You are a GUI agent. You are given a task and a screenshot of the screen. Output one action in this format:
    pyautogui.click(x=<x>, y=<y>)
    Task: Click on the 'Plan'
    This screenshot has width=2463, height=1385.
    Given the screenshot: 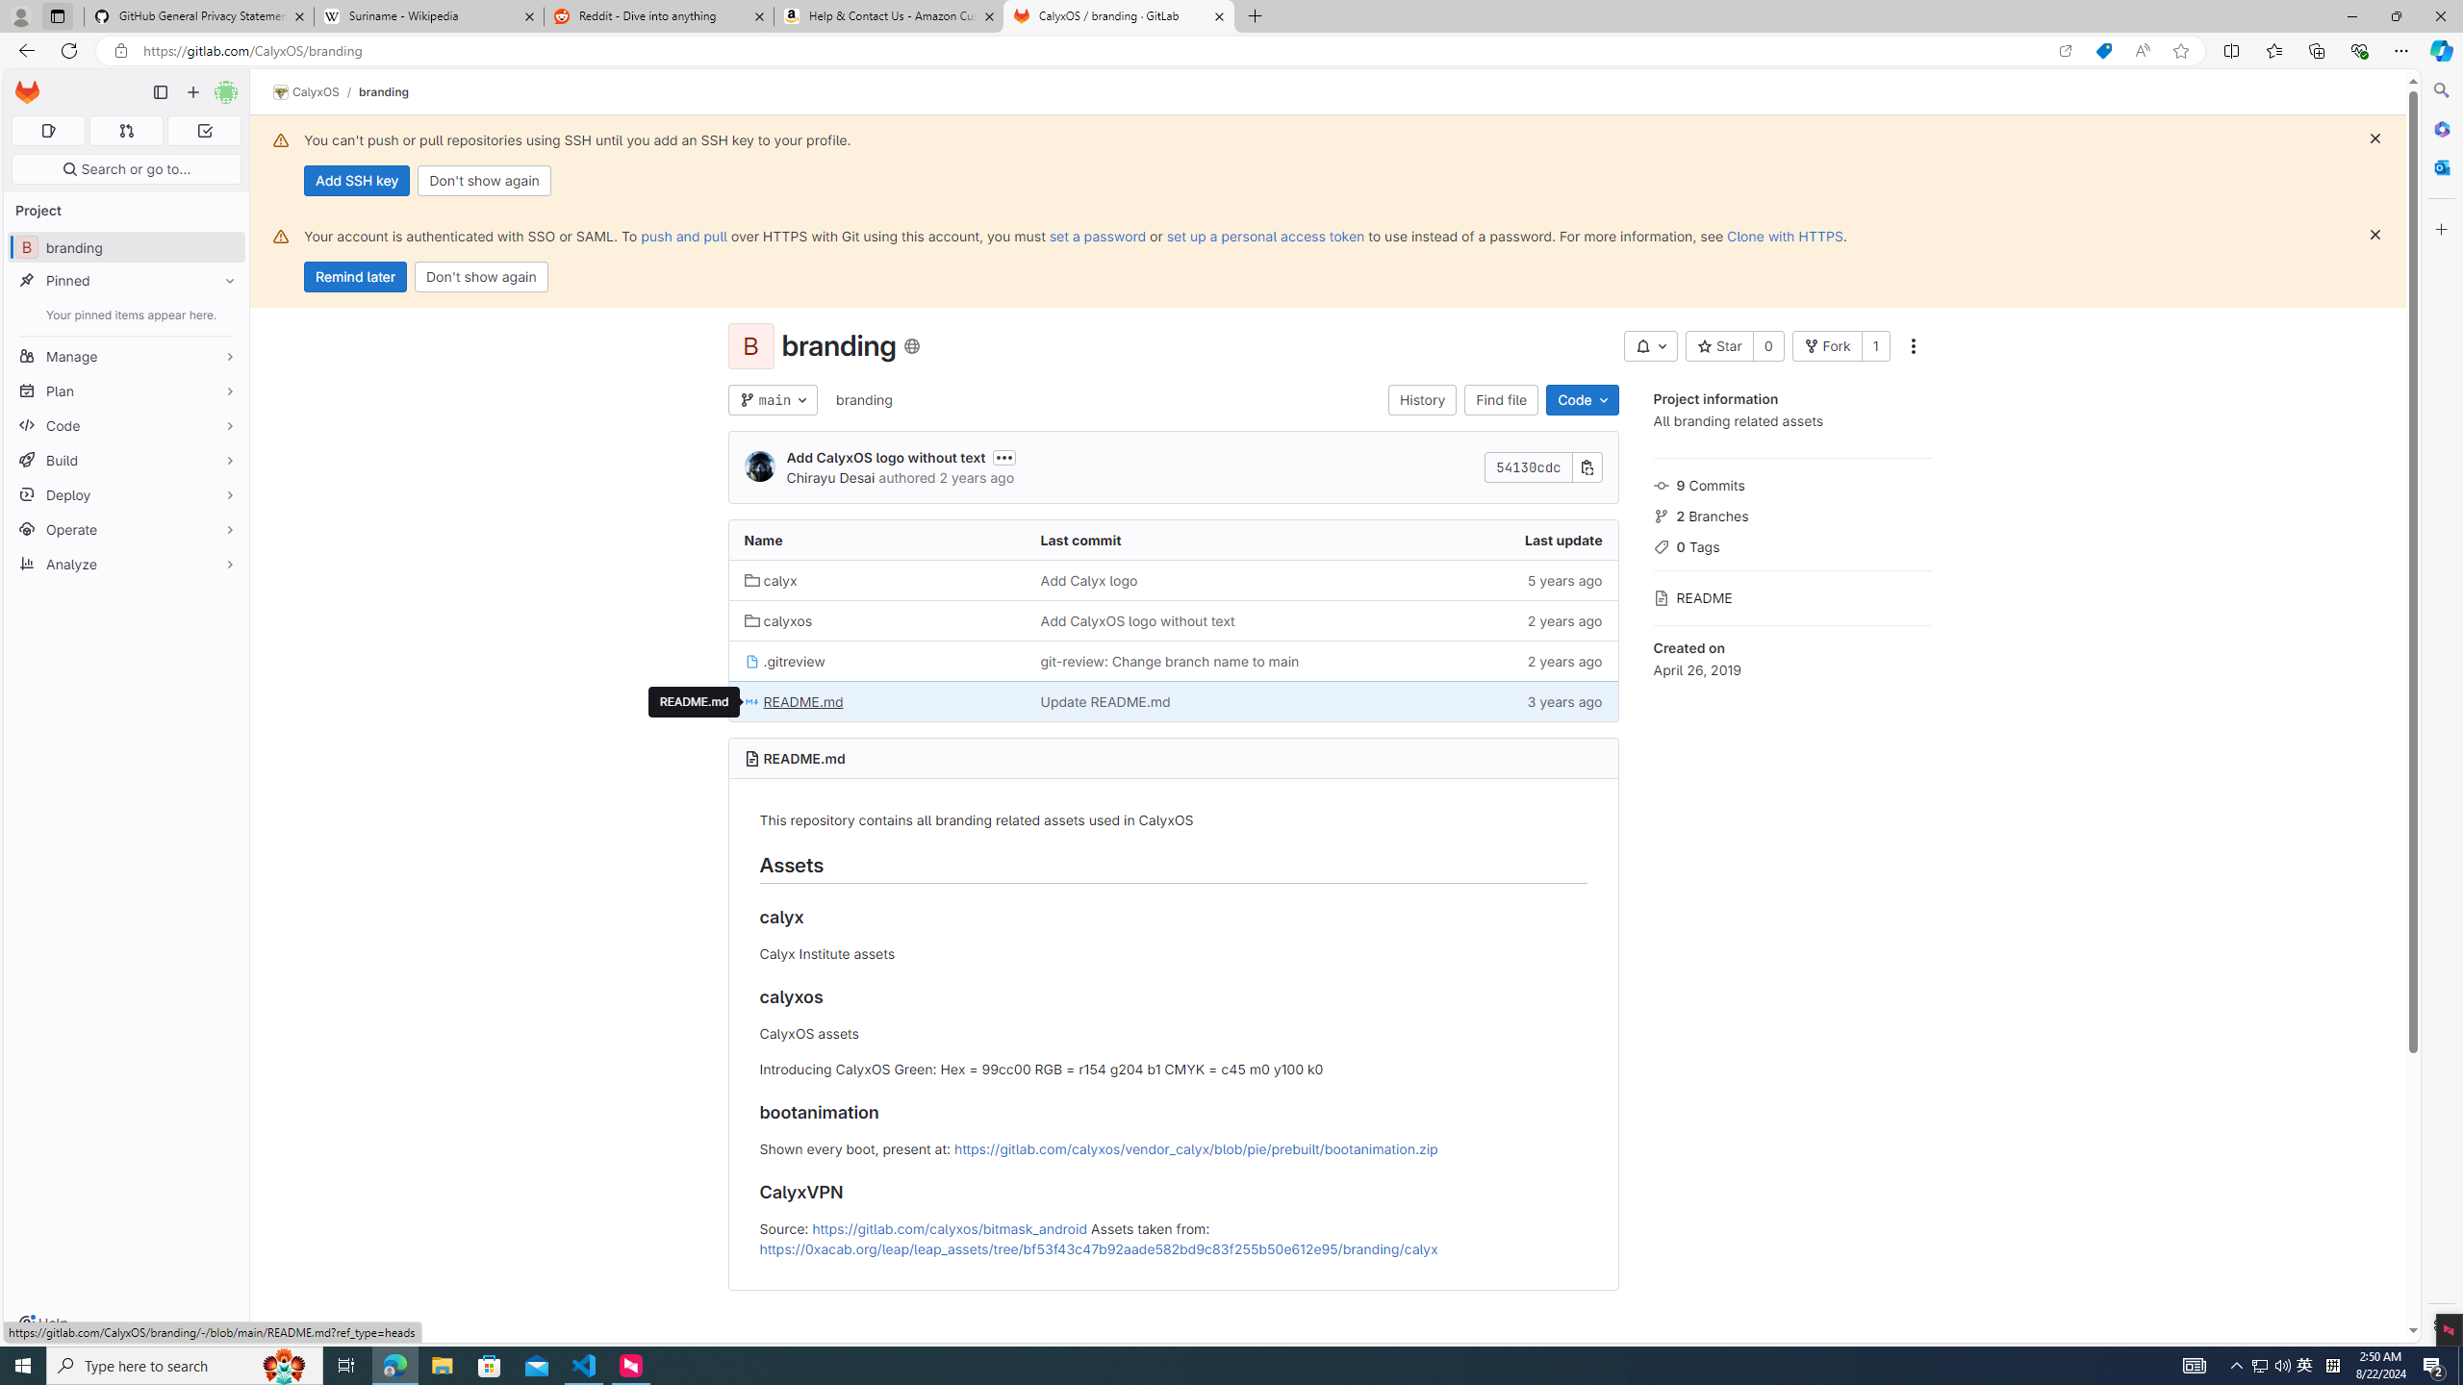 What is the action you would take?
    pyautogui.click(x=125, y=390)
    